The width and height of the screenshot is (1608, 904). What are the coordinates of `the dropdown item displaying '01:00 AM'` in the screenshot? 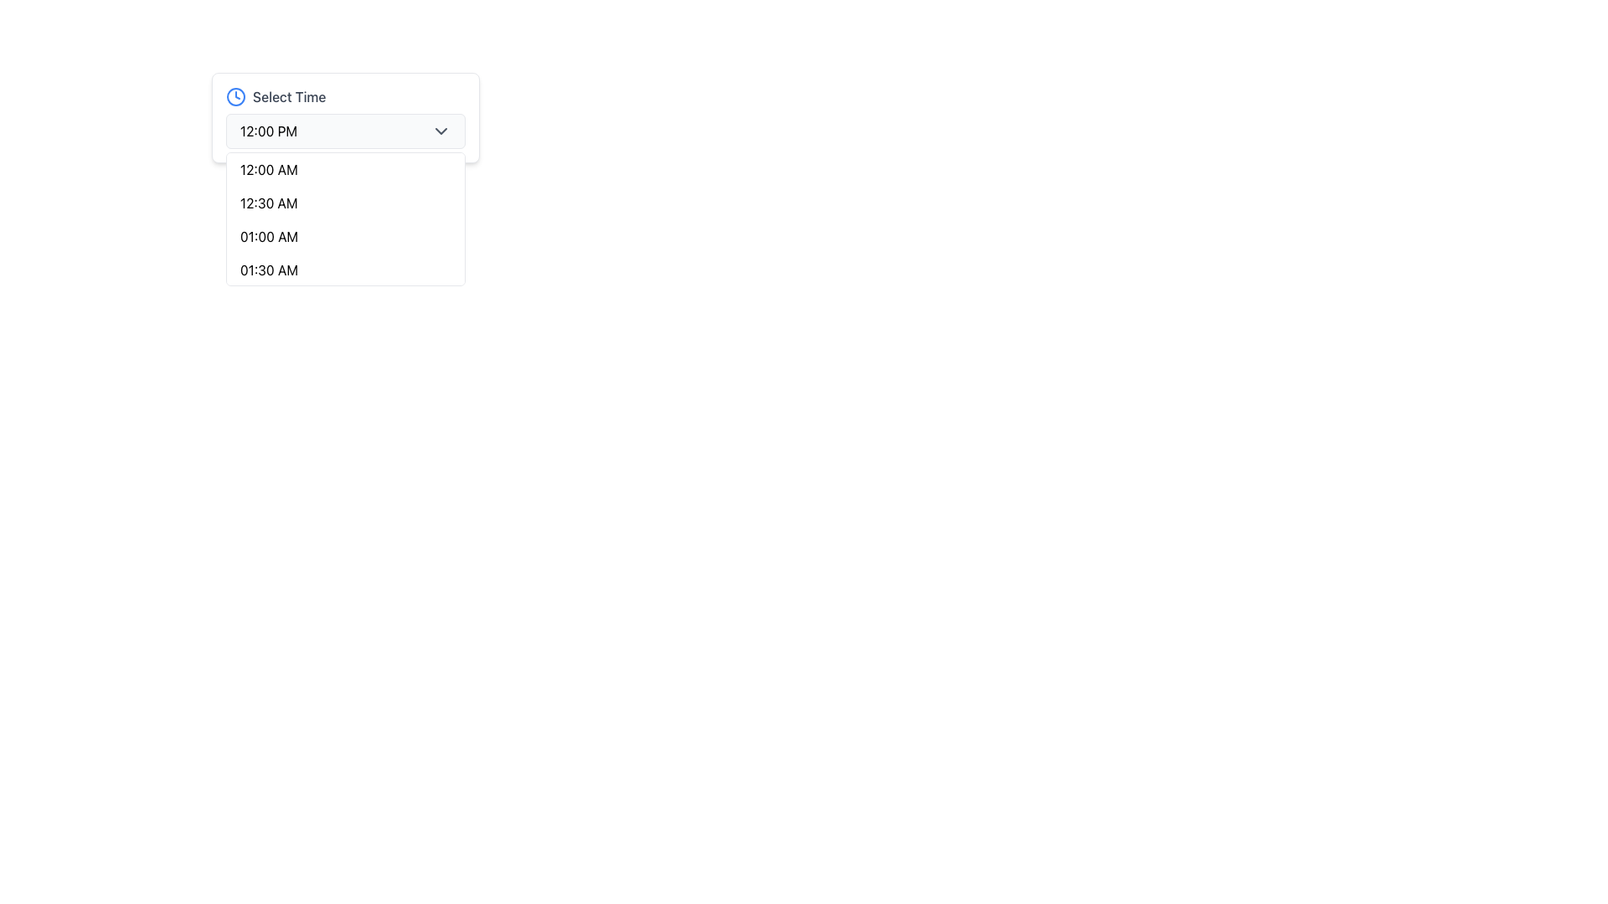 It's located at (344, 236).